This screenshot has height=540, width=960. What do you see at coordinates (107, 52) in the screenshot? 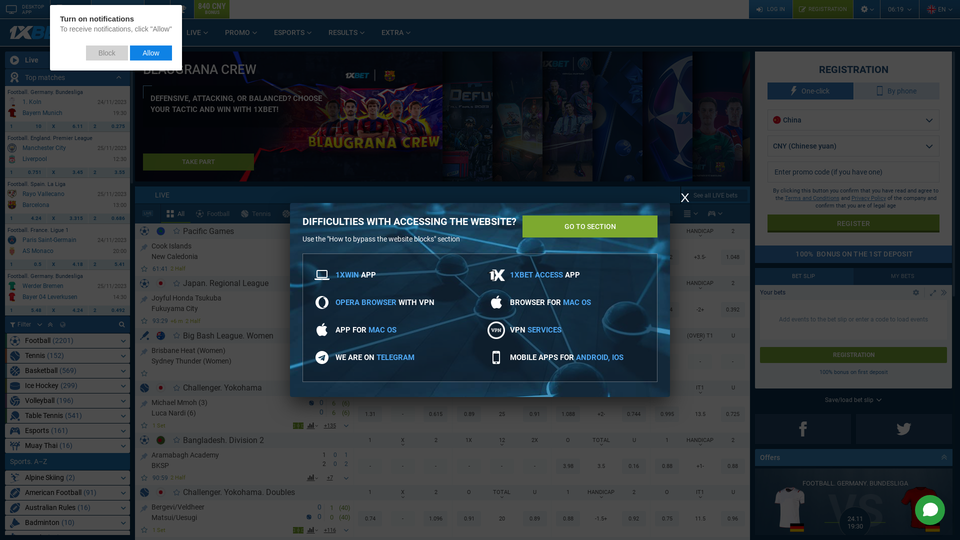
I see `'Block'` at bounding box center [107, 52].